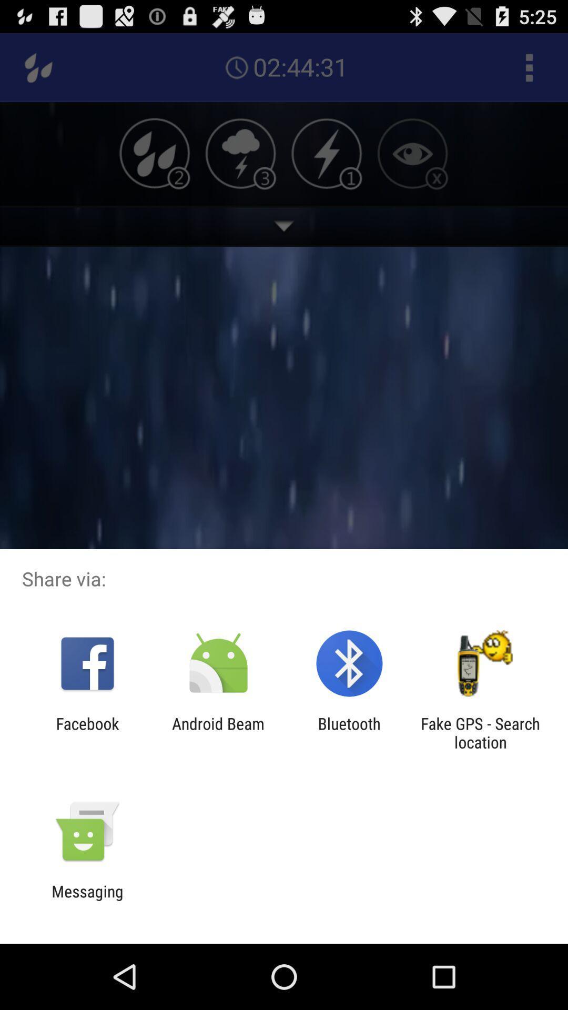 This screenshot has height=1010, width=568. I want to click on the app to the right of the android beam app, so click(349, 732).